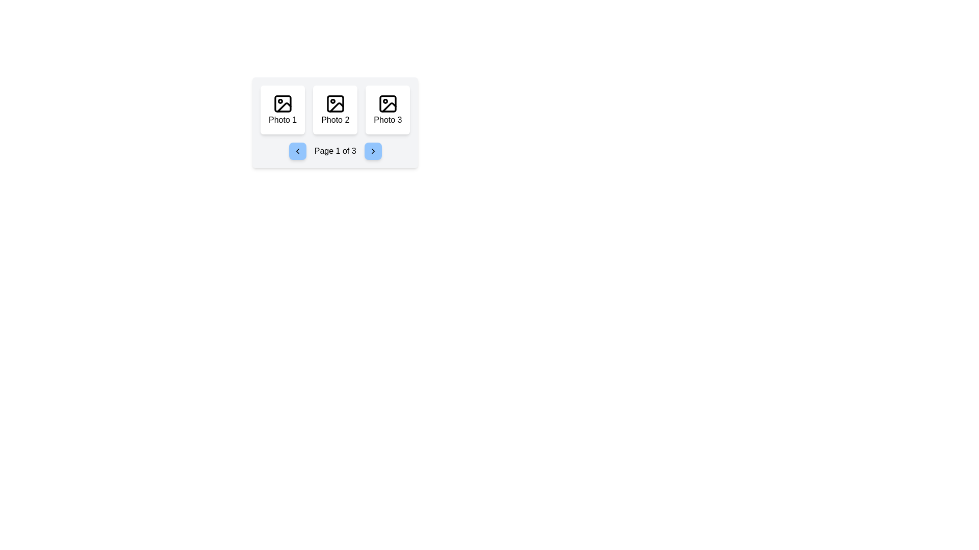 Image resolution: width=979 pixels, height=550 pixels. What do you see at coordinates (335, 104) in the screenshot?
I see `the graphic component (rounded rectangle) within the button labeled 'Photo 2', which is the second button in a group of three horizontally aligned buttons` at bounding box center [335, 104].